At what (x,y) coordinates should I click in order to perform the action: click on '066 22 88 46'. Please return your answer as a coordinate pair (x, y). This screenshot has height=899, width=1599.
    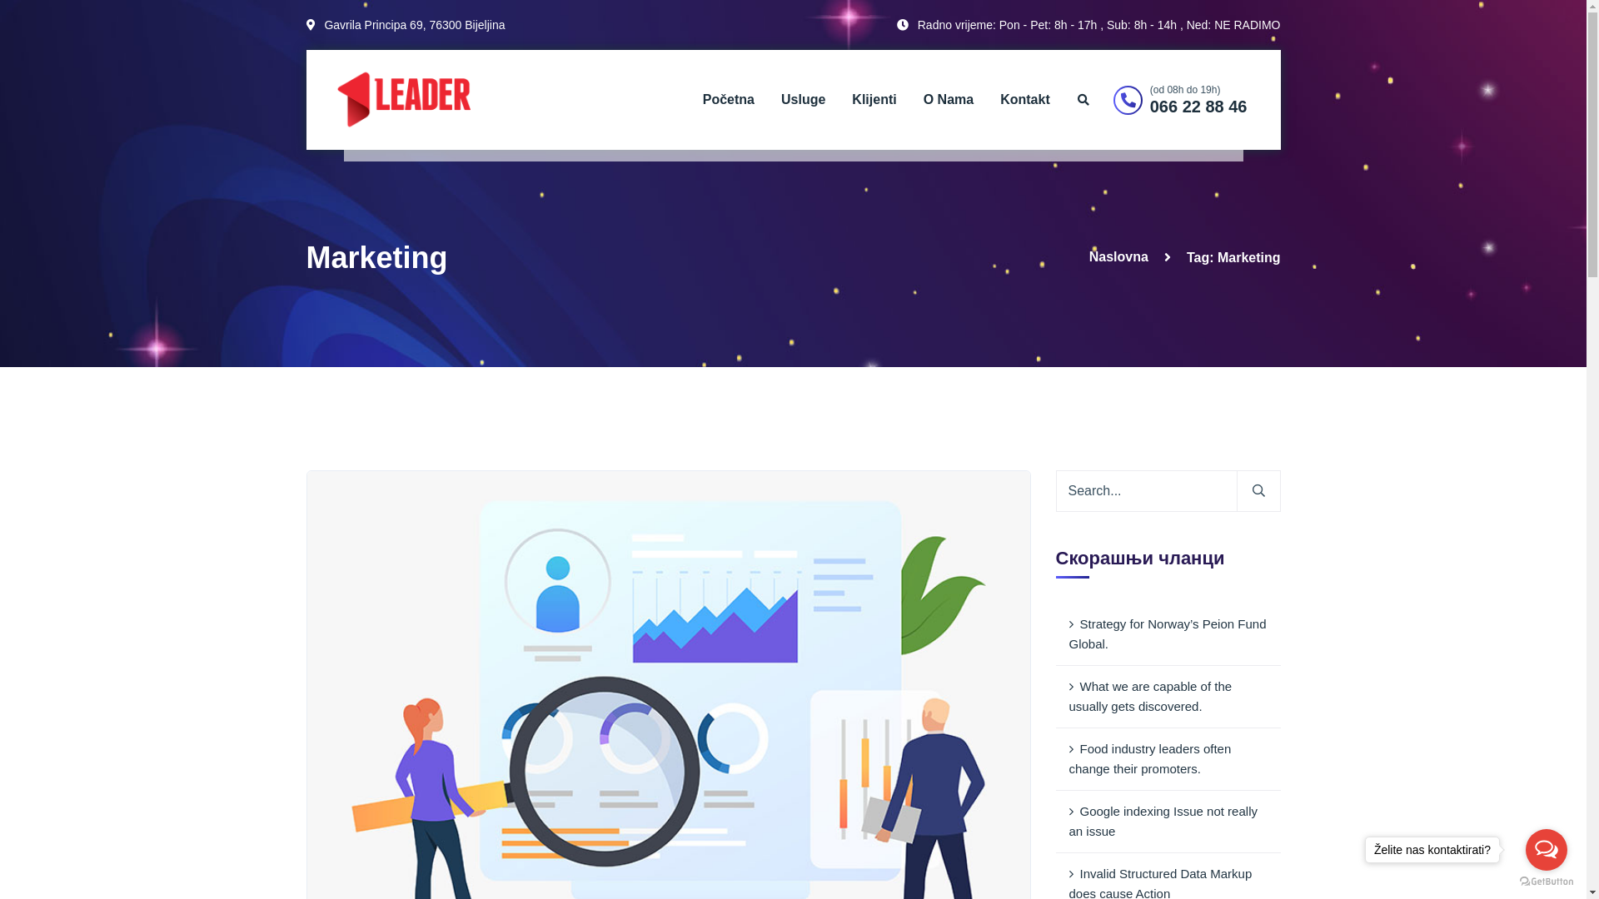
    Looking at the image, I should click on (1198, 106).